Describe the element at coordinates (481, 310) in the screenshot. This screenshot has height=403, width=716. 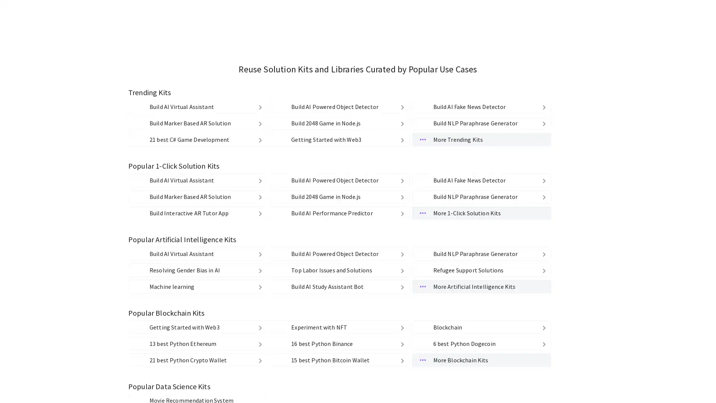
I see `paraphrase-generator1 Build NLP Paraphrase Generator` at that location.